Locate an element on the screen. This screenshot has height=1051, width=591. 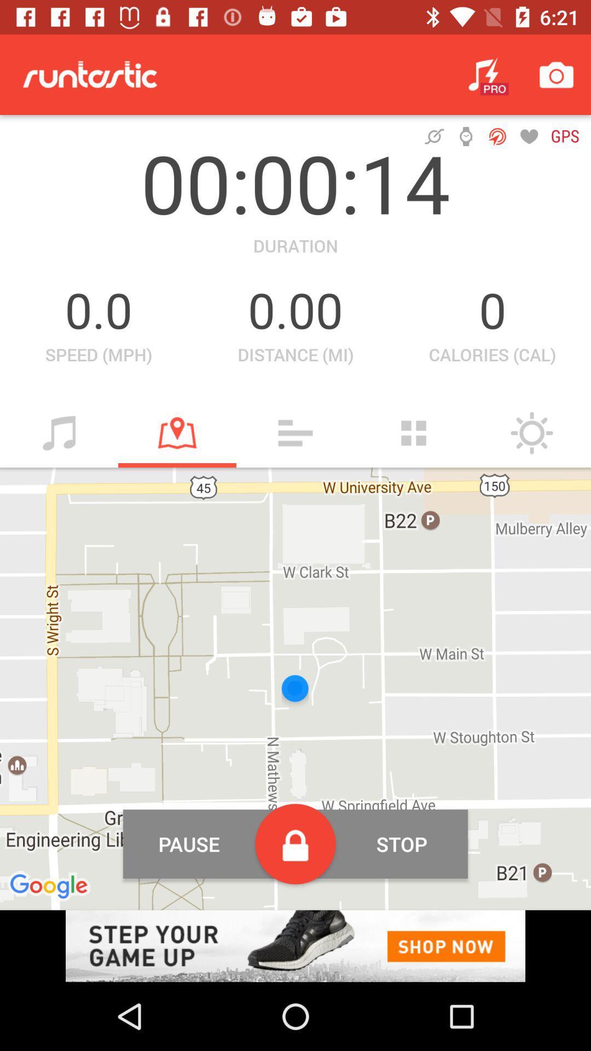
open more option is located at coordinates (296, 432).